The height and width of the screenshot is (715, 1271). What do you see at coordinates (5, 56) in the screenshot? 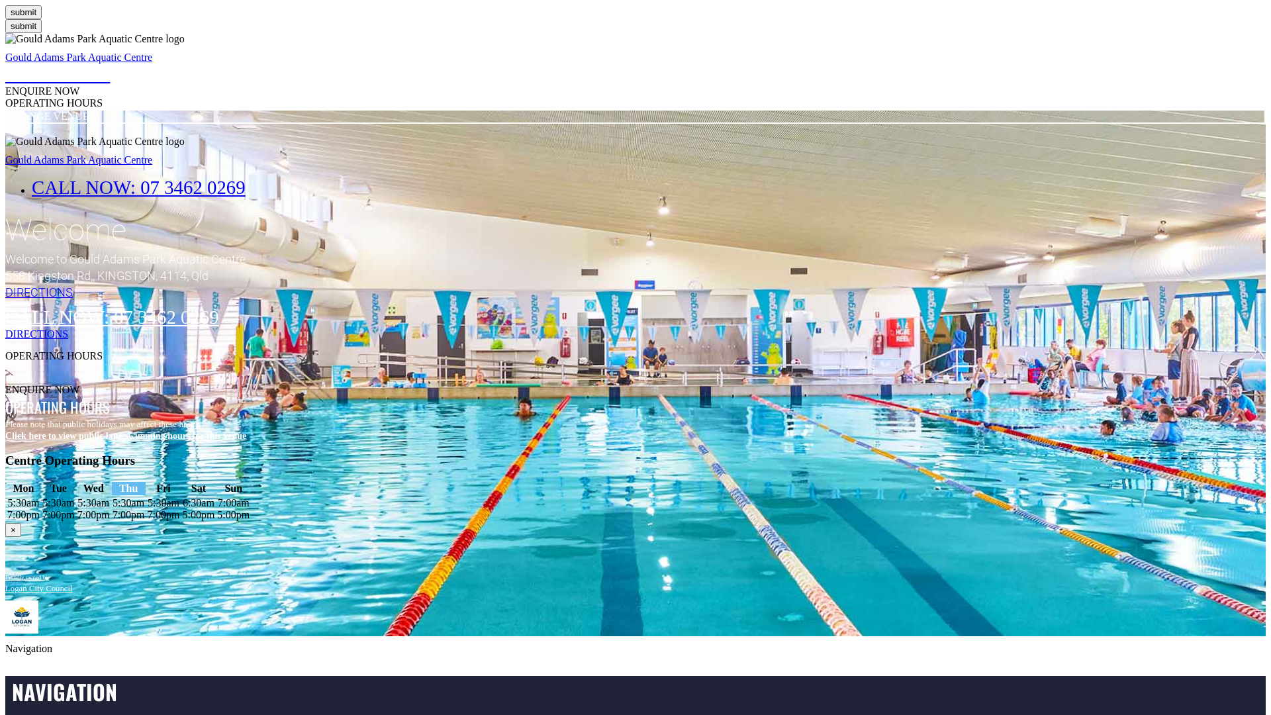
I see `'Gould Adams Park Aquatic Centre'` at bounding box center [5, 56].